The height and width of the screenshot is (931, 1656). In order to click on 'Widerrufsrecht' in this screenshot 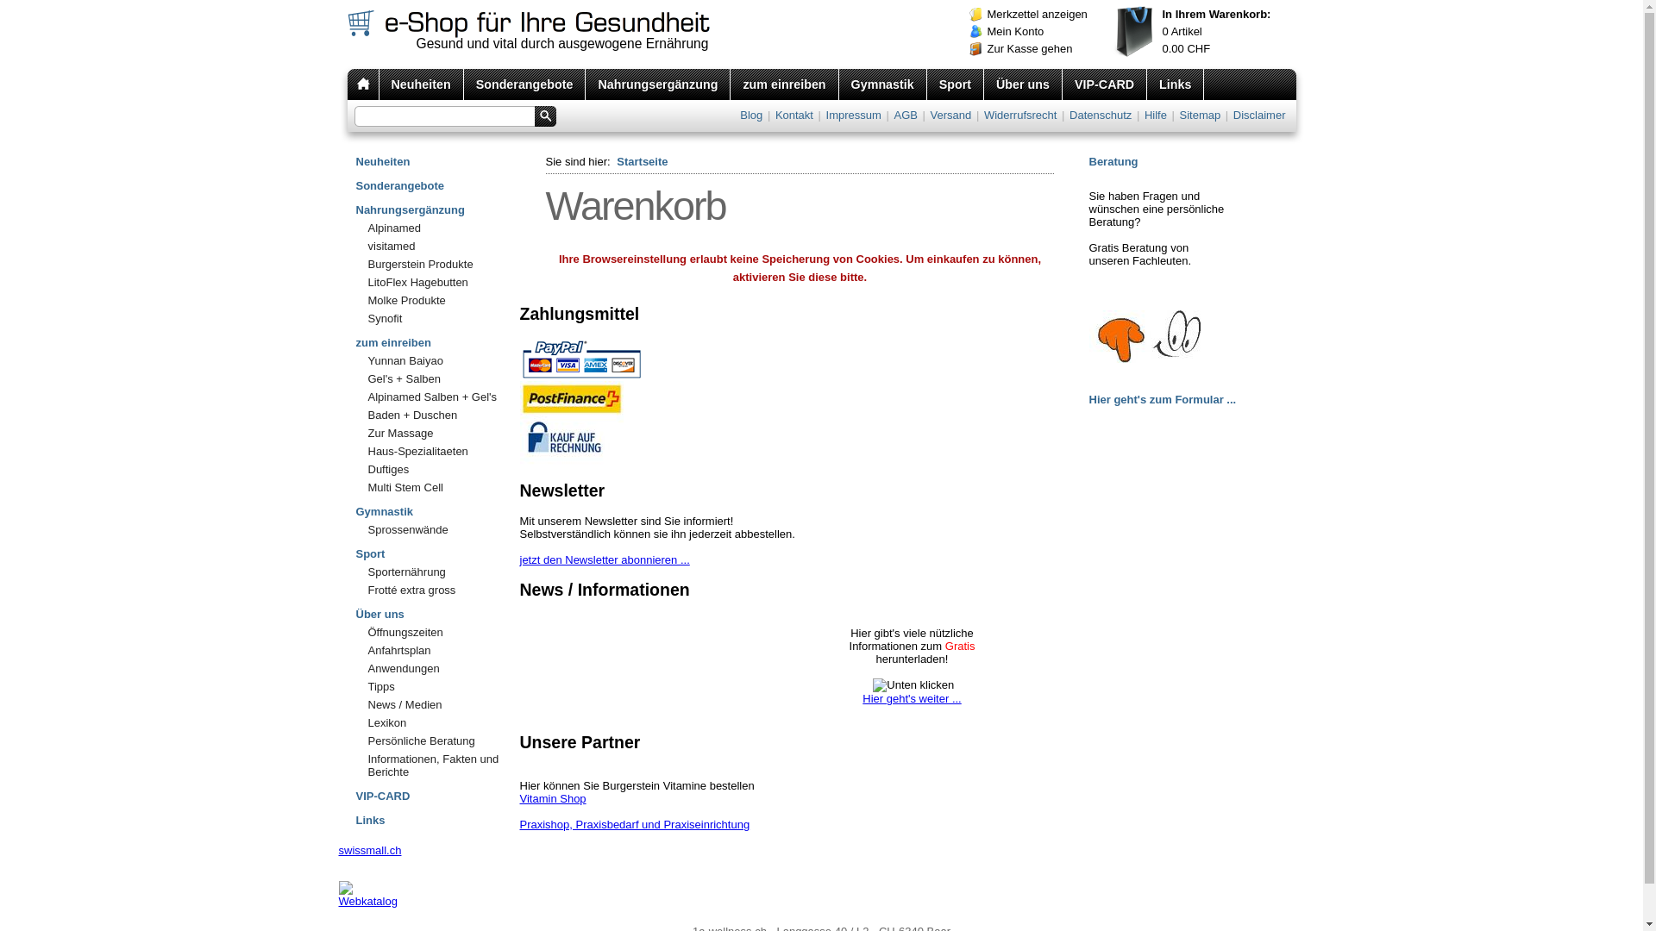, I will do `click(1020, 115)`.